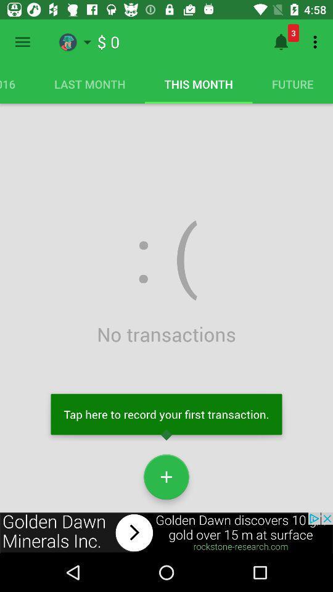 Image resolution: width=333 pixels, height=592 pixels. What do you see at coordinates (22, 42) in the screenshot?
I see `menu button` at bounding box center [22, 42].